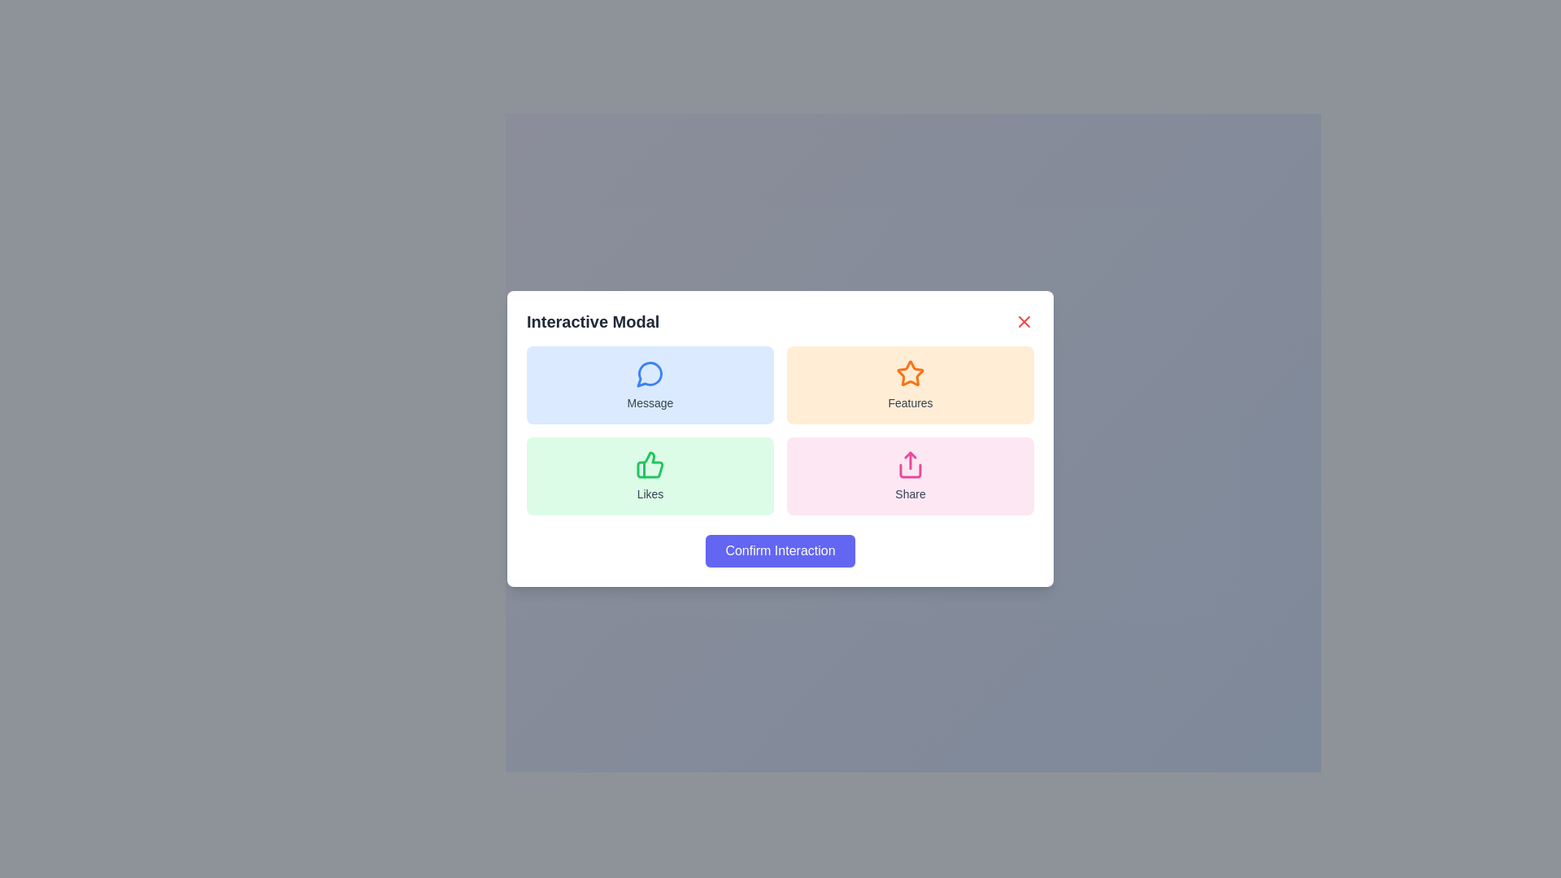 This screenshot has height=878, width=1561. Describe the element at coordinates (909, 373) in the screenshot. I see `the orange star-shaped icon positioned at the top-center of the 'Features' card in the interactive modal` at that location.